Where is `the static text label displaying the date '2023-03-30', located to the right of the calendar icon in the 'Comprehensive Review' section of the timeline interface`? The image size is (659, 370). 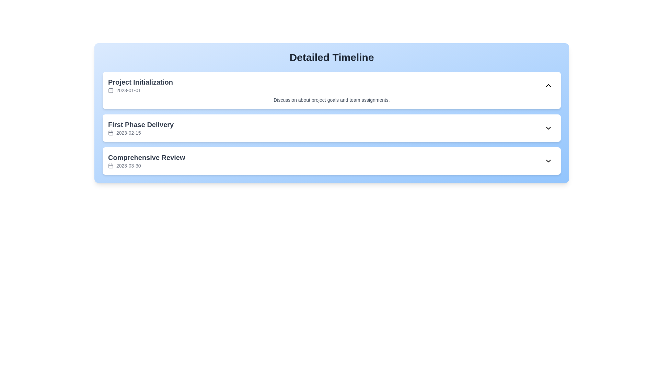 the static text label displaying the date '2023-03-30', located to the right of the calendar icon in the 'Comprehensive Review' section of the timeline interface is located at coordinates (128, 165).